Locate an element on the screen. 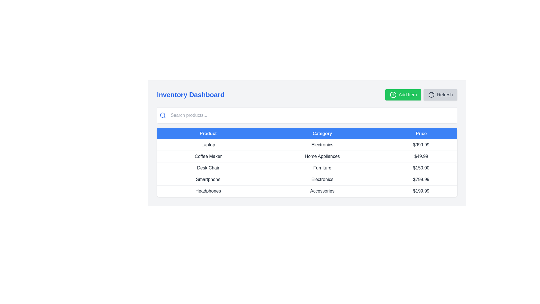  the 'Headphones' label in the 'Product' column located in the fifth row of the table is located at coordinates (208, 191).